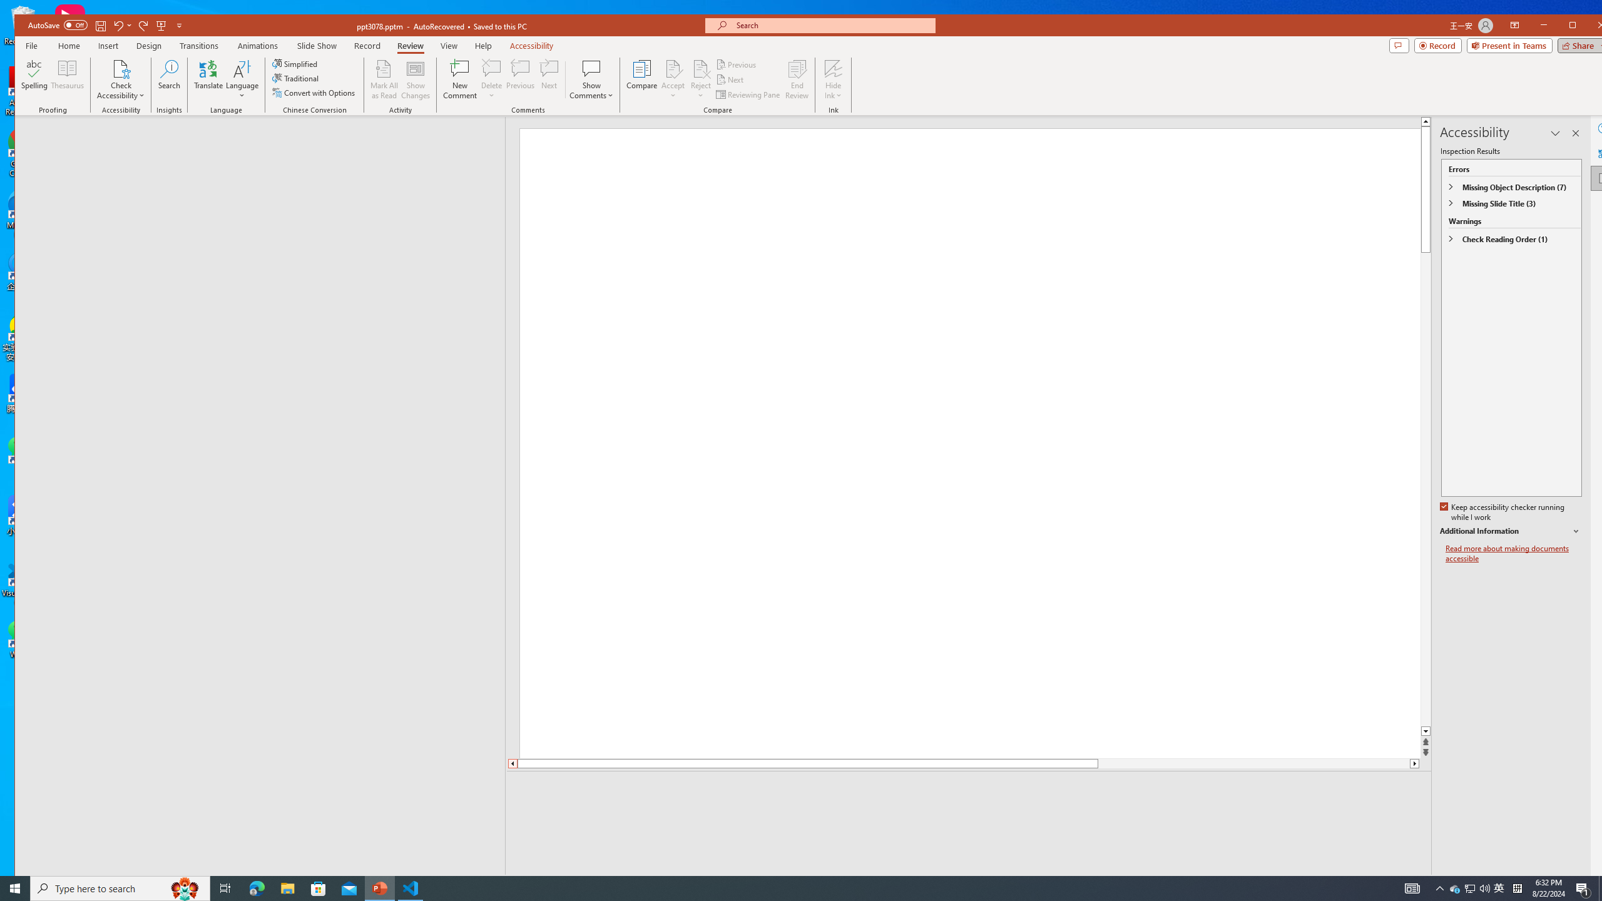 This screenshot has height=901, width=1602. What do you see at coordinates (1513, 553) in the screenshot?
I see `'Read more about making documents accessible'` at bounding box center [1513, 553].